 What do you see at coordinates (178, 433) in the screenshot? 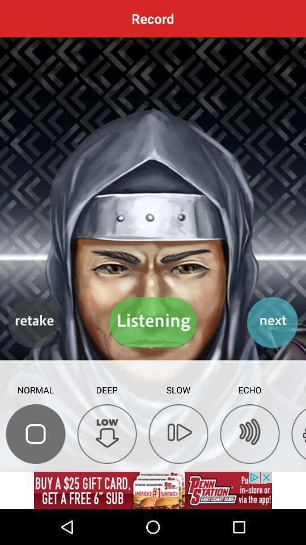
I see `slow down the sound` at bounding box center [178, 433].